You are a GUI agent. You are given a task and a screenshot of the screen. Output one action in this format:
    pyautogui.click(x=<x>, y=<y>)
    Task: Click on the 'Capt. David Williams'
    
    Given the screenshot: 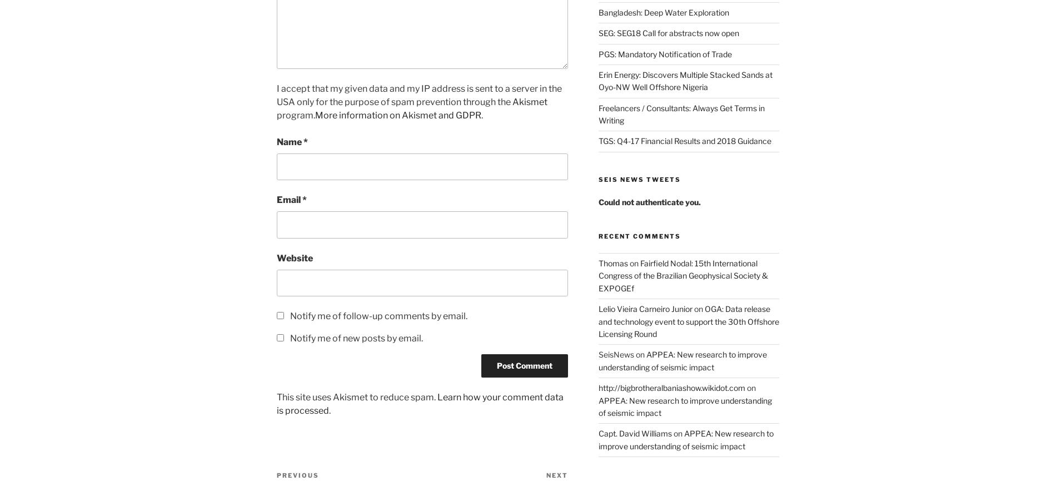 What is the action you would take?
    pyautogui.click(x=597, y=433)
    